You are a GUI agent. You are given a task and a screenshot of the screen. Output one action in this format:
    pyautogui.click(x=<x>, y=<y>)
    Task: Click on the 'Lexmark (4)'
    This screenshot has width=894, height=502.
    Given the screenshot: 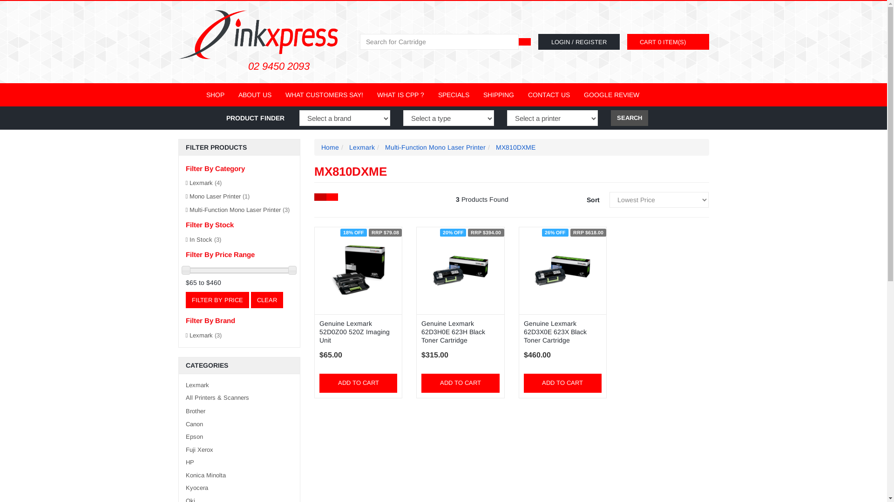 What is the action you would take?
    pyautogui.click(x=239, y=183)
    